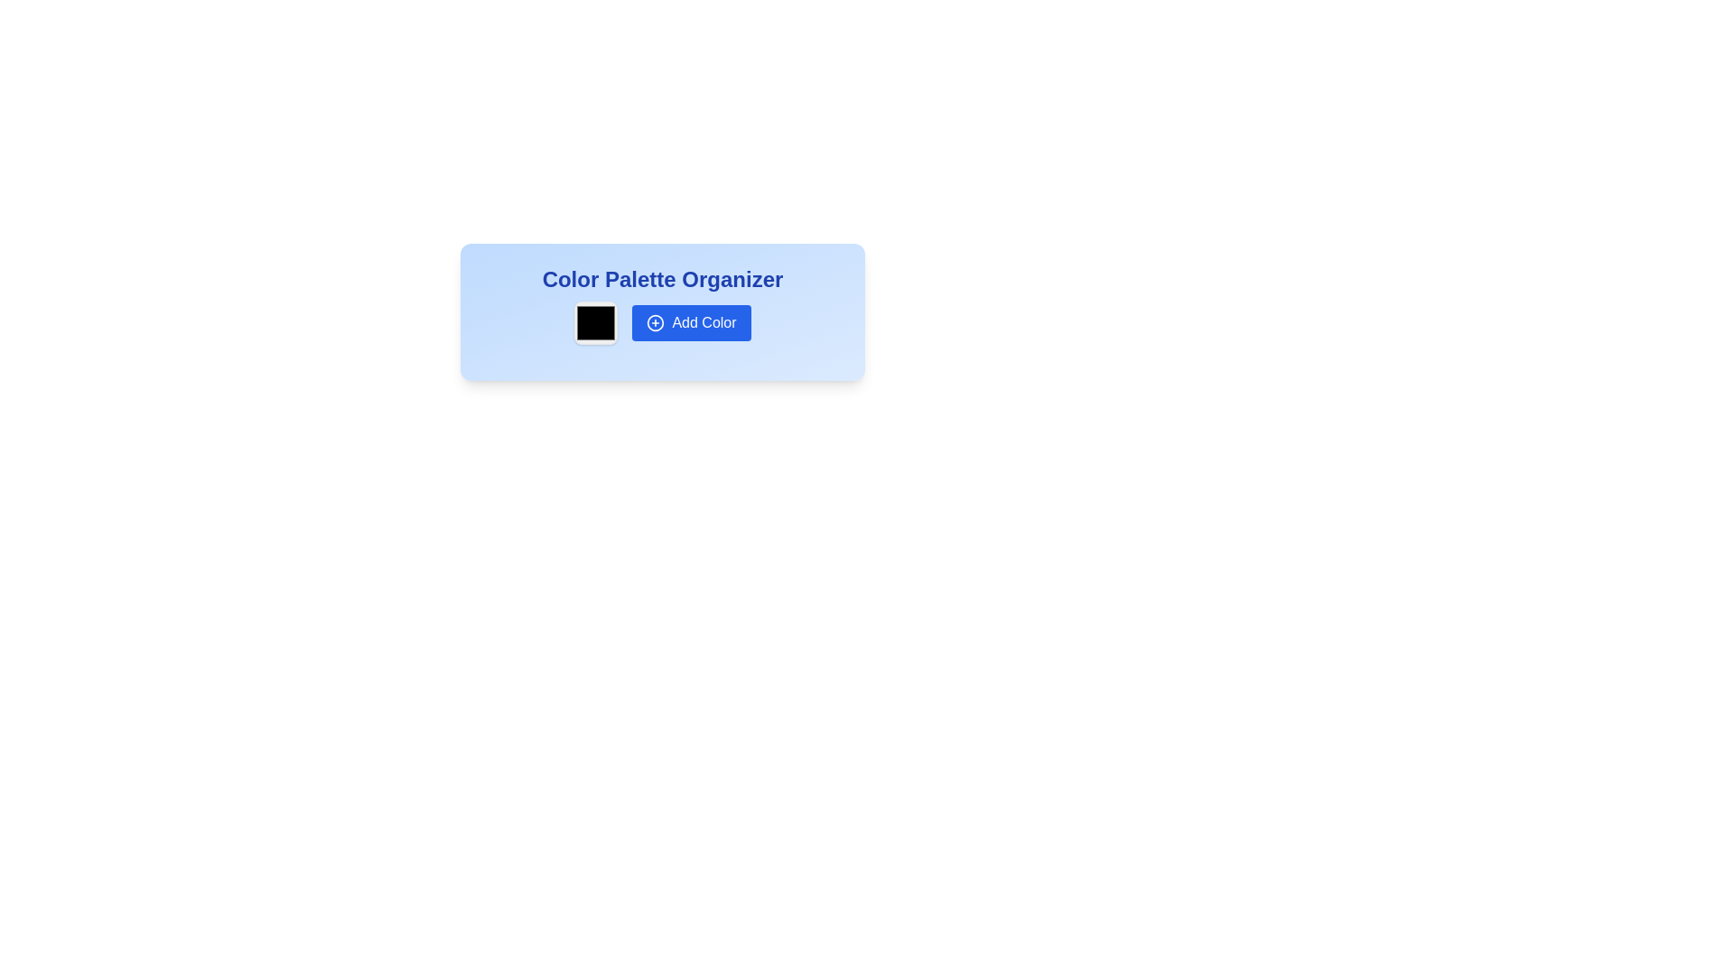  Describe the element at coordinates (655, 322) in the screenshot. I see `the circular SVG element that serves as the centerpiece of the icon adjacent to the 'Add Color' button` at that location.